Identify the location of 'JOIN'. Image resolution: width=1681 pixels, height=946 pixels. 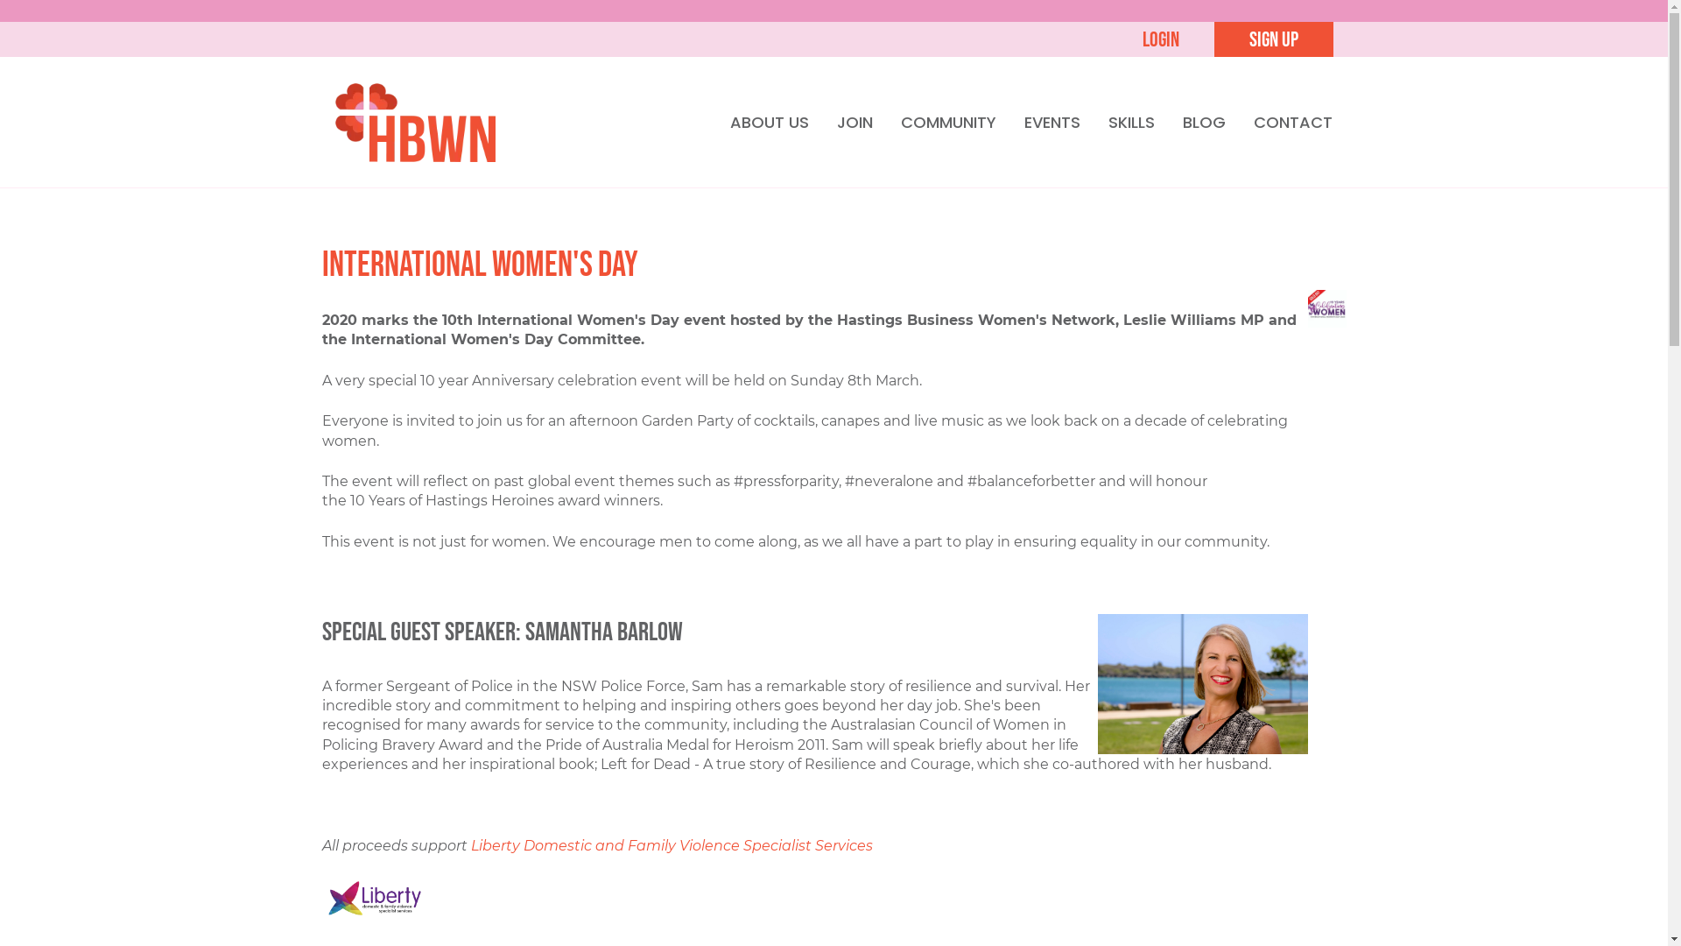
(854, 121).